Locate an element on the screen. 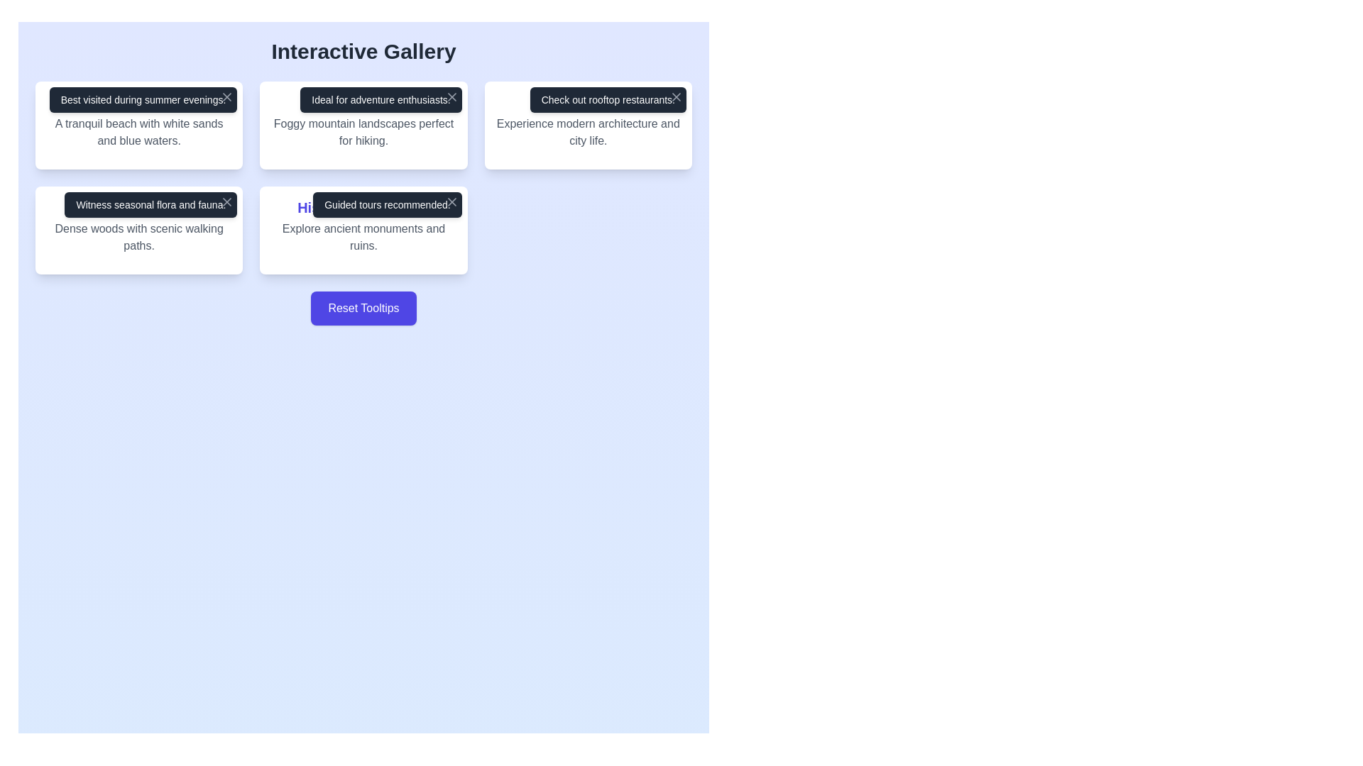 This screenshot has height=766, width=1363. the content of the Informational Tooltip located at the top-right corner of the 'Historic Landmarks' card is located at coordinates (387, 205).